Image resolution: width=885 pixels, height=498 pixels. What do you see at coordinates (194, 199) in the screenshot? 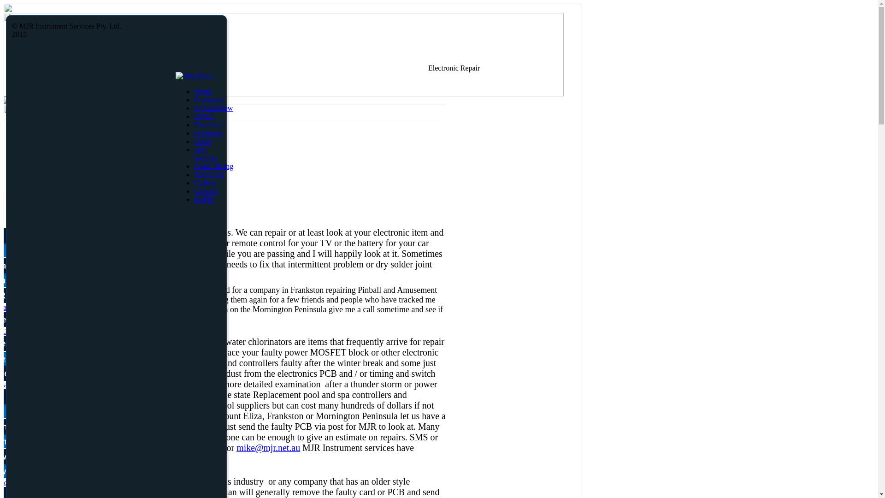
I see `'profile'` at bounding box center [194, 199].